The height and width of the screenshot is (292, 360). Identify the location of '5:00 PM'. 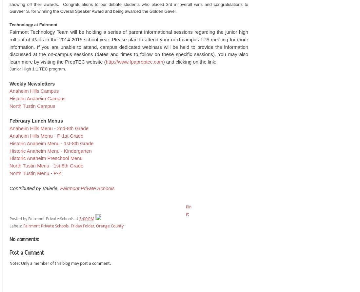
(86, 219).